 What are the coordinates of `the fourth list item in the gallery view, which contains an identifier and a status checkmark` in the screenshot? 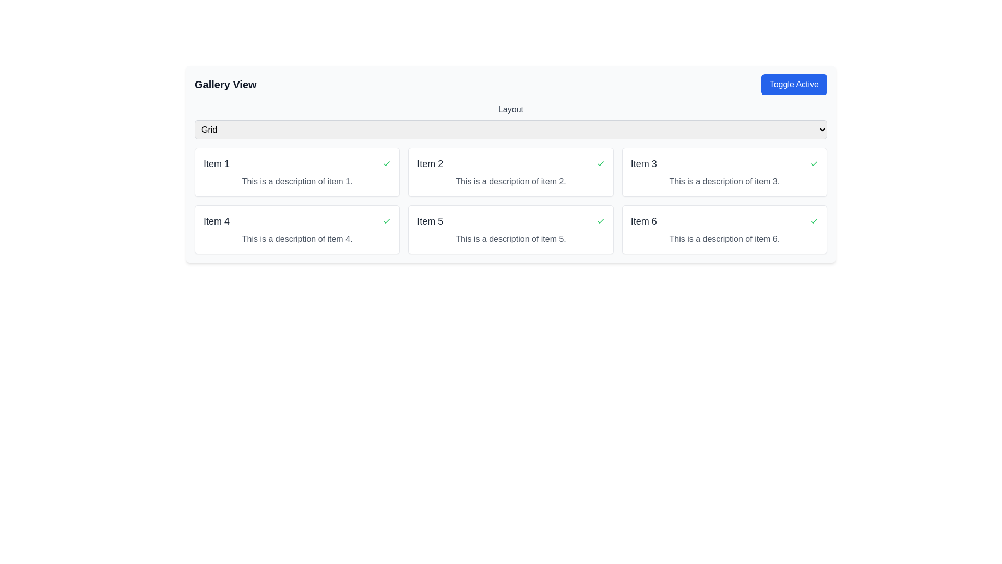 It's located at (296, 221).